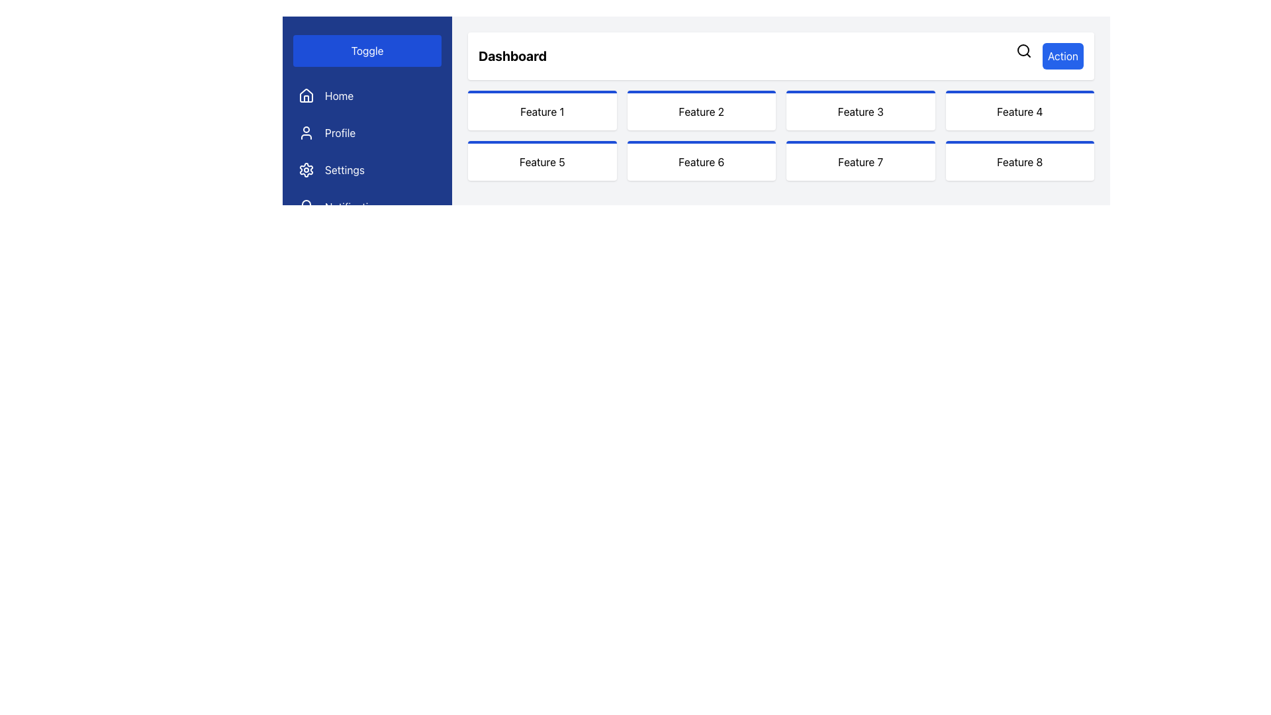 This screenshot has height=715, width=1271. What do you see at coordinates (512, 55) in the screenshot?
I see `the Text Label that serves as a contextual indicator for the current page or section title in the dashboard interface to check for extra functionality` at bounding box center [512, 55].